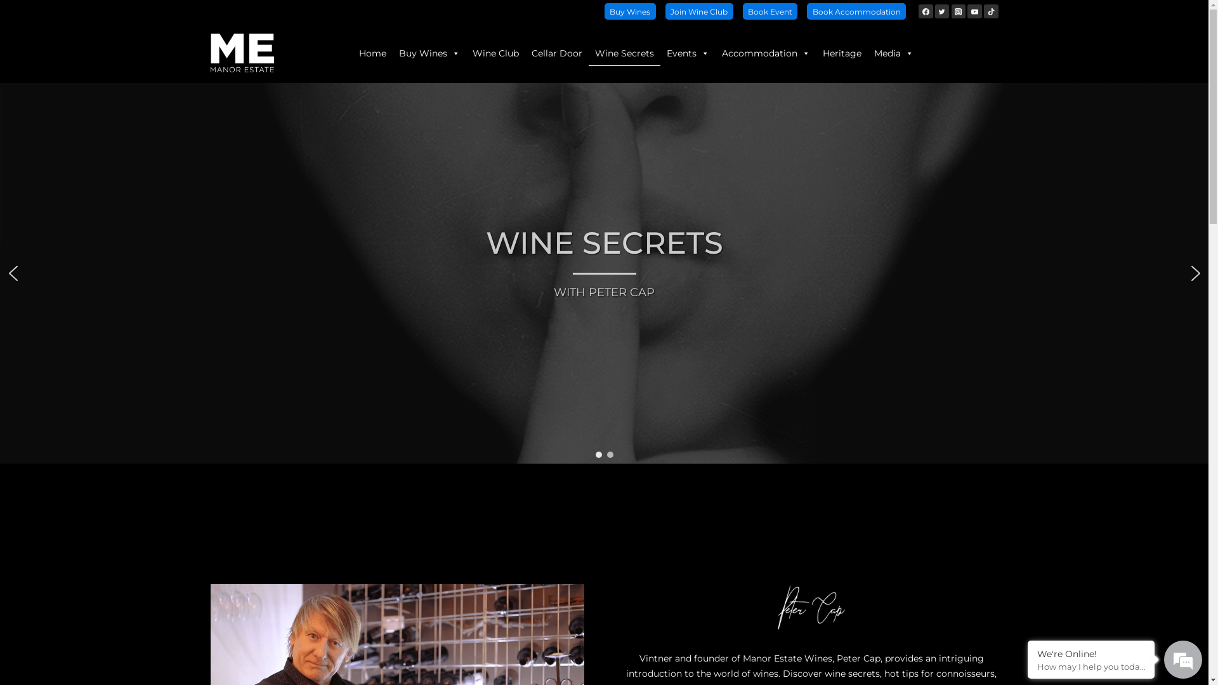  I want to click on 'Home', so click(372, 53).